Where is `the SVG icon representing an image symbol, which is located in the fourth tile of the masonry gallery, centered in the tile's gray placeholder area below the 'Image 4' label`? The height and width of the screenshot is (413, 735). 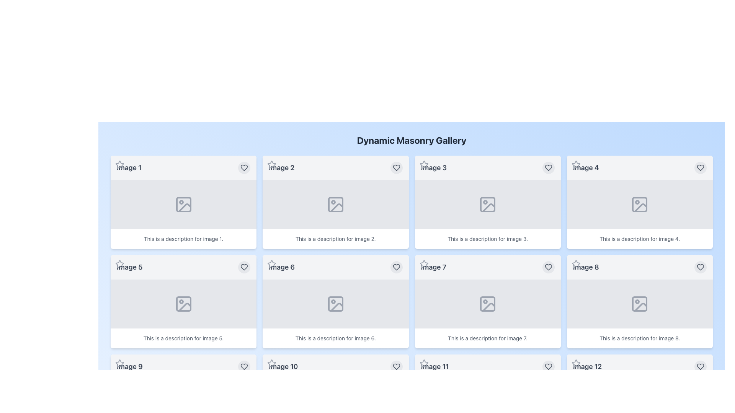
the SVG icon representing an image symbol, which is located in the fourth tile of the masonry gallery, centered in the tile's gray placeholder area below the 'Image 4' label is located at coordinates (640, 204).